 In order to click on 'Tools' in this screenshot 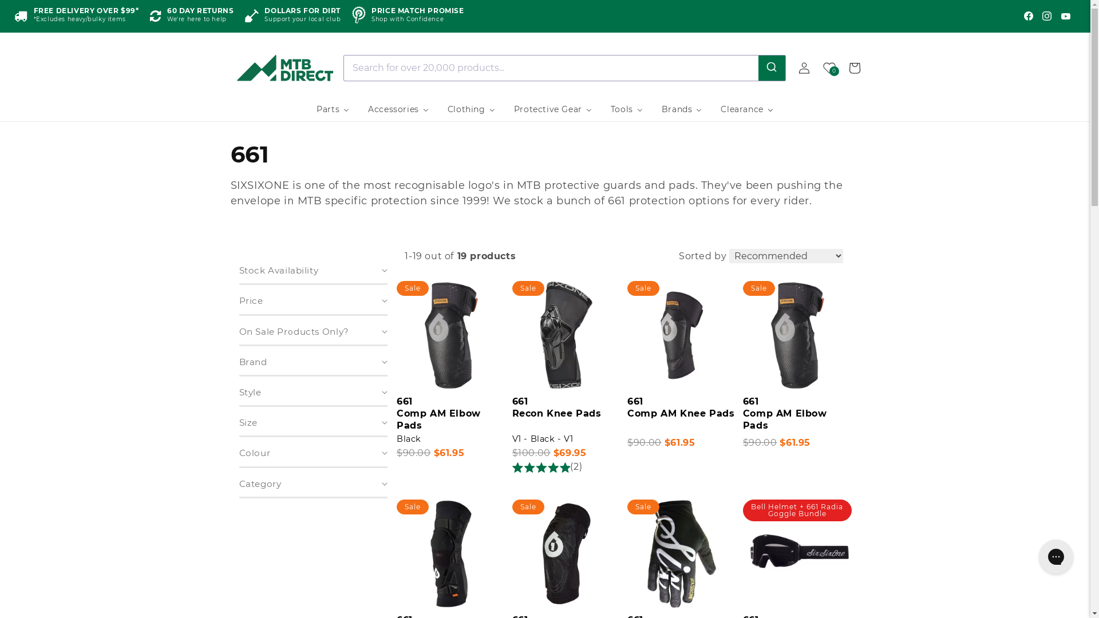, I will do `click(626, 109)`.